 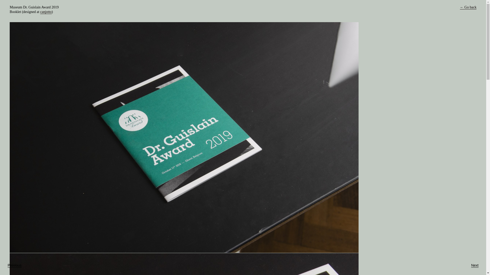 I want to click on 'canjotto', so click(x=46, y=11).